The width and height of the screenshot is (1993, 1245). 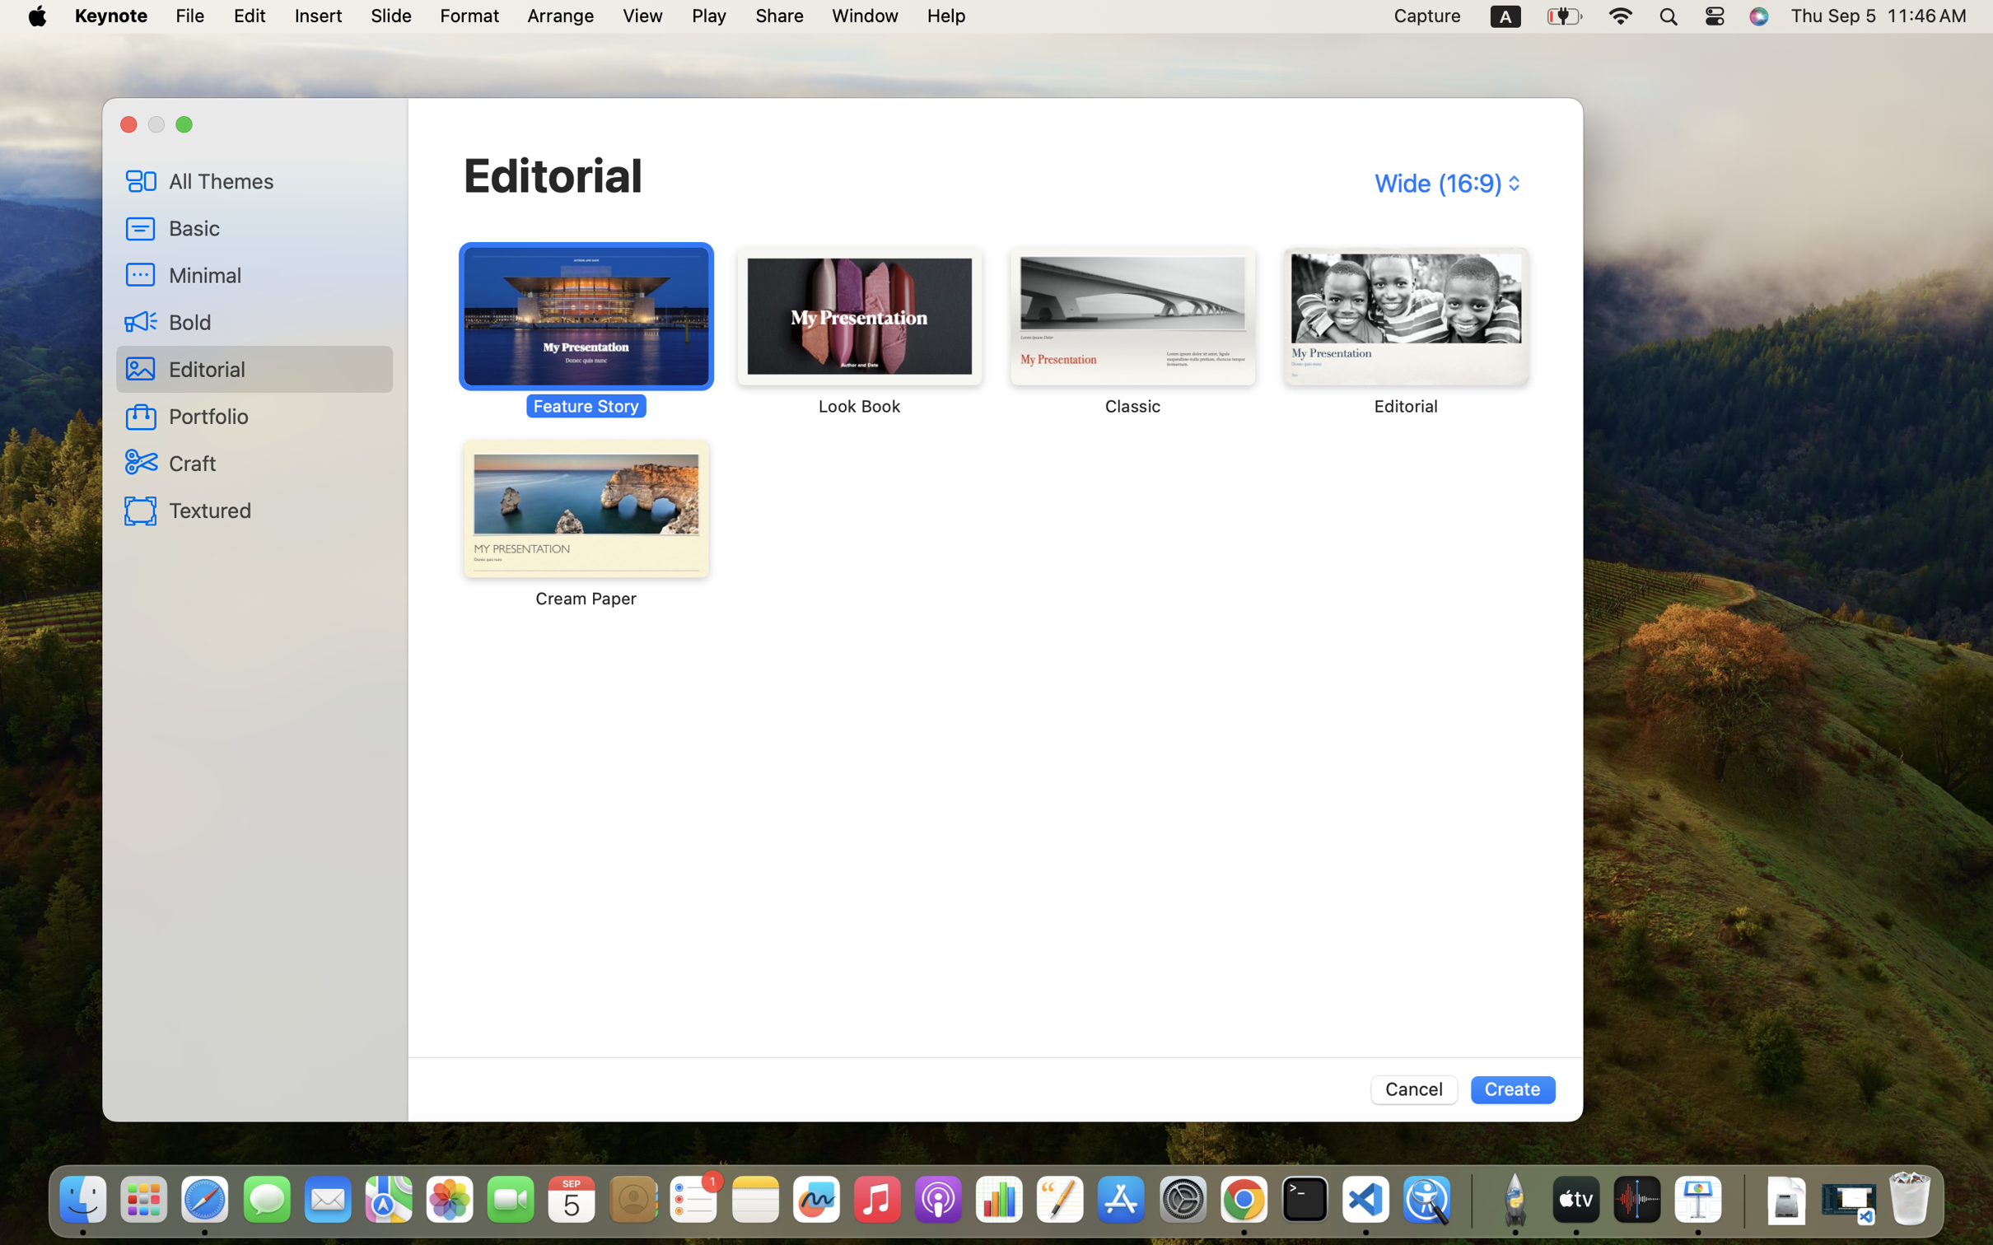 I want to click on 'Minimal', so click(x=275, y=274).